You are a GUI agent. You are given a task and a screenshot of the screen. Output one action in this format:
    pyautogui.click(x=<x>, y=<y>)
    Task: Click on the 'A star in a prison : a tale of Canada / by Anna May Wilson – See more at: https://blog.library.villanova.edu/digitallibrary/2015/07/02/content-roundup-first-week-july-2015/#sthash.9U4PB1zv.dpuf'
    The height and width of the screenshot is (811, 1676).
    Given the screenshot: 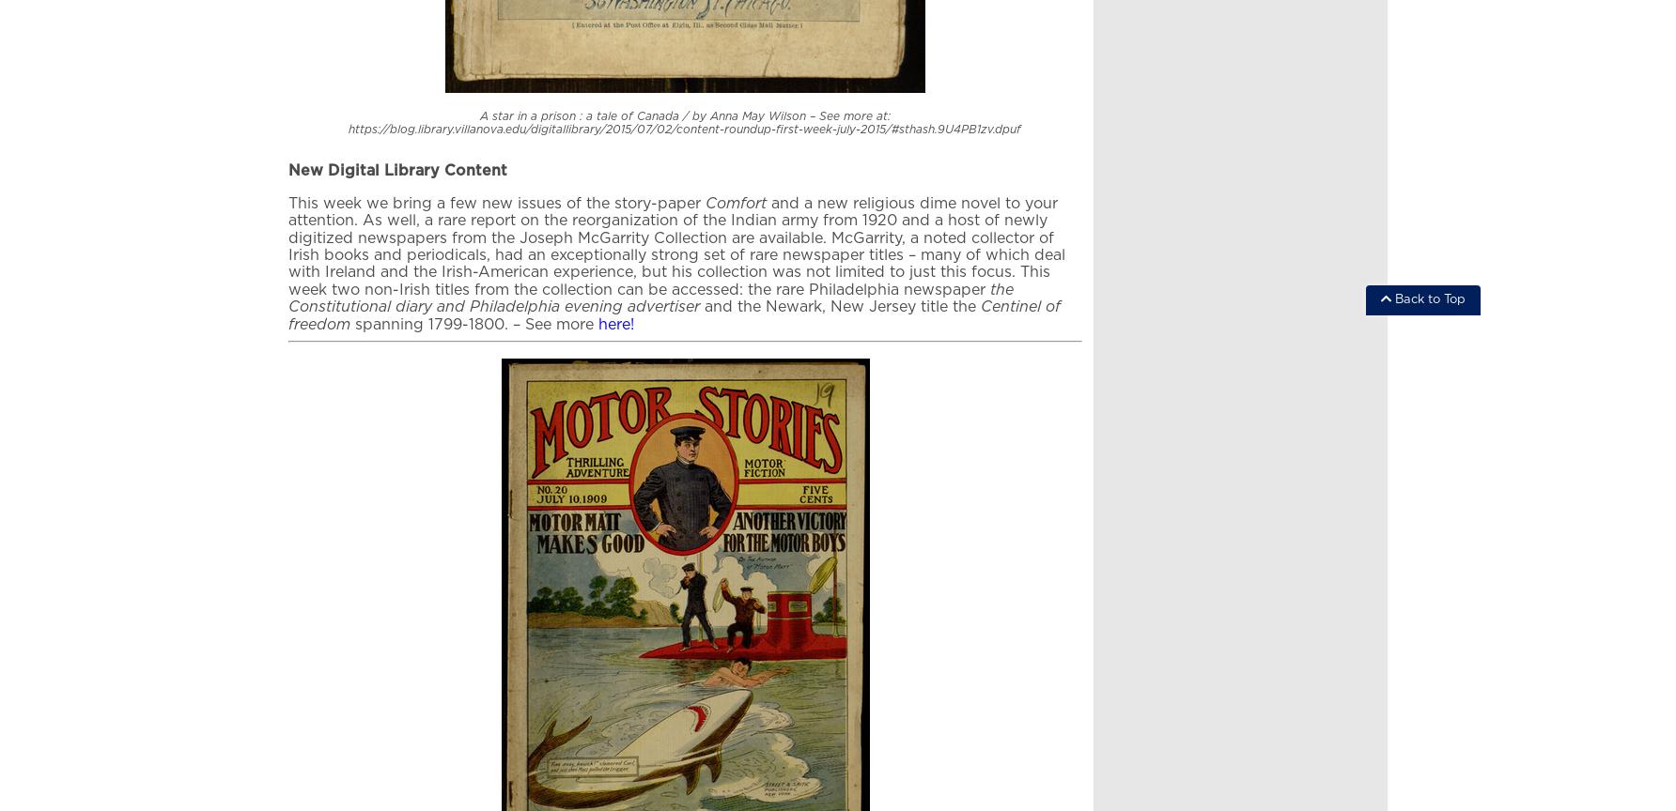 What is the action you would take?
    pyautogui.click(x=684, y=121)
    